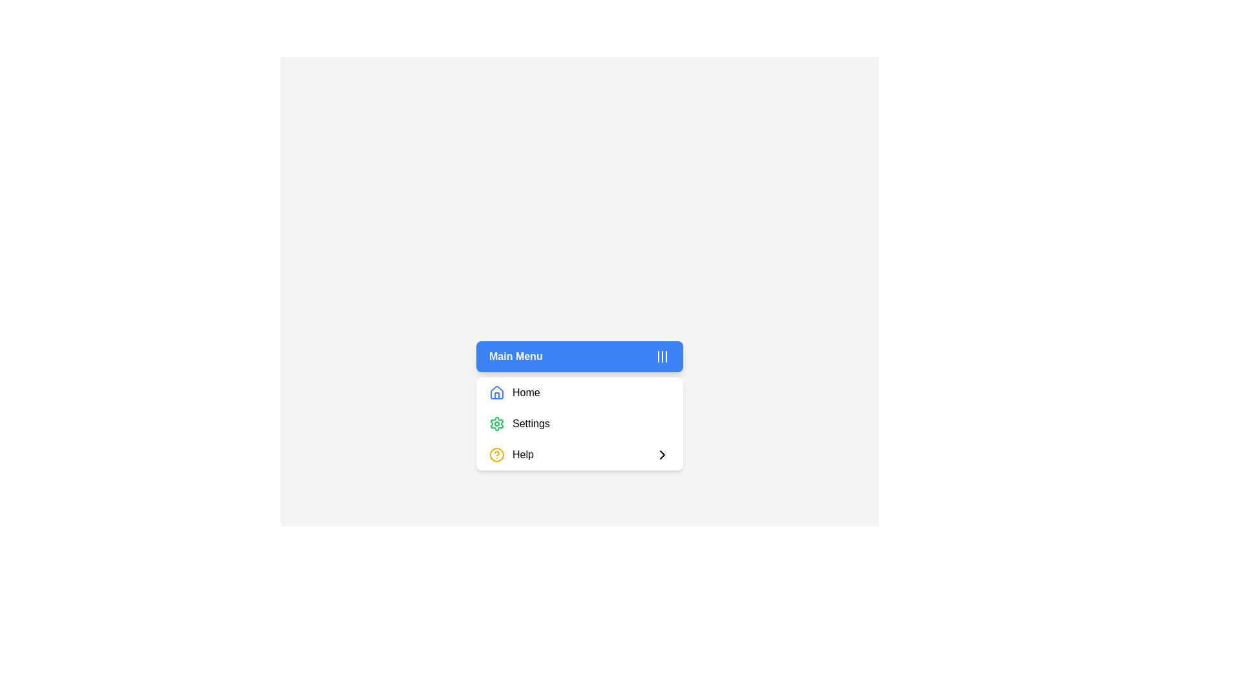 The width and height of the screenshot is (1241, 698). What do you see at coordinates (579, 392) in the screenshot?
I see `the 'Home' menu option, which is the first item in a vertical menu list on a white card-like structure` at bounding box center [579, 392].